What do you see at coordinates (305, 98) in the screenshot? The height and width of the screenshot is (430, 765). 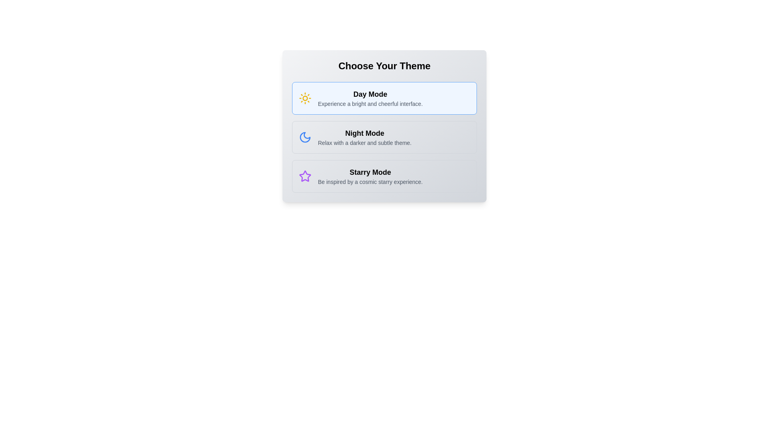 I see `the small, circular shape representing the sun's core in the 'Day Mode' option of the theme selection panel` at bounding box center [305, 98].